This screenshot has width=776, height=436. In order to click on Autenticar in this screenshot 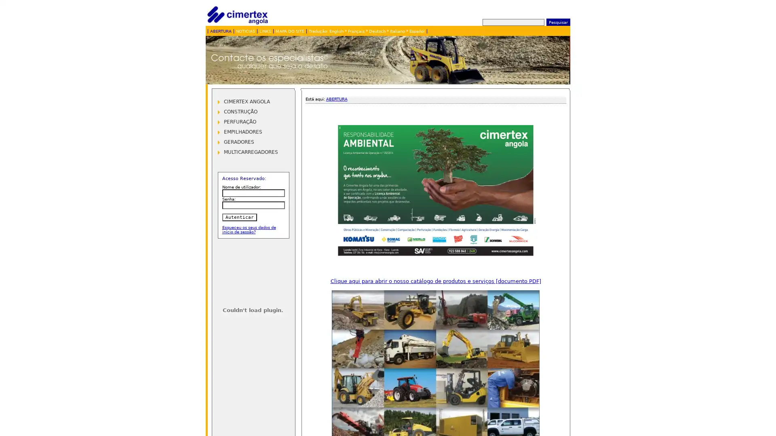, I will do `click(238, 217)`.